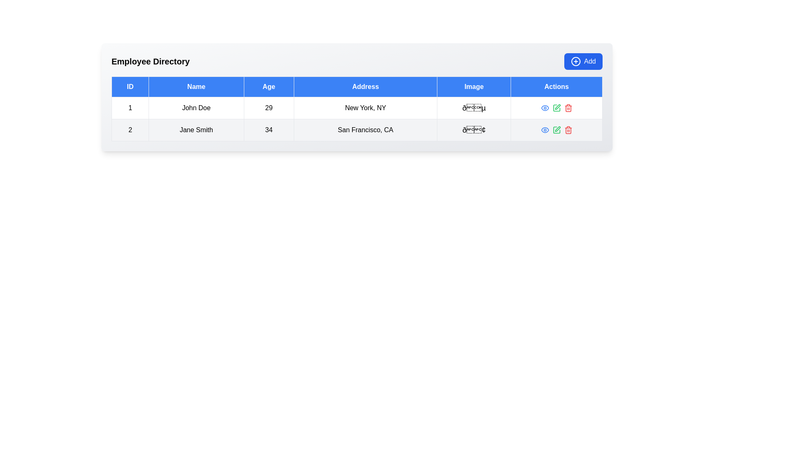 This screenshot has height=449, width=799. Describe the element at coordinates (556, 107) in the screenshot. I see `the edit button located in the 'Actions' column of the second row in the table, which is the second icon from the left, positioned between a blue eye-shaped icon and a red trashcan icon to initiate editing functionality` at that location.